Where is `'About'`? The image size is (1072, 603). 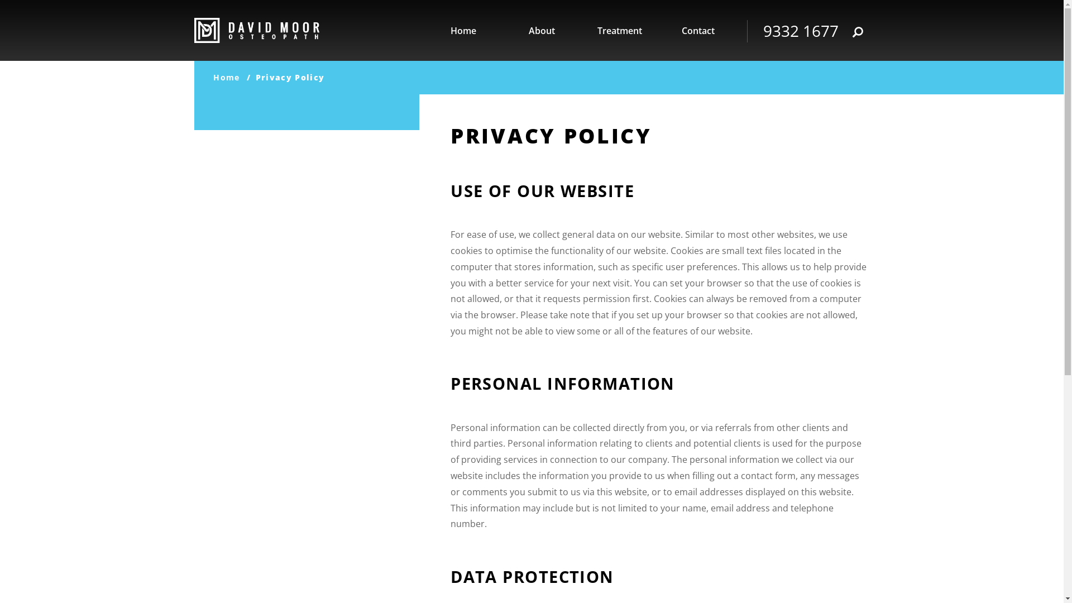
'About' is located at coordinates (541, 30).